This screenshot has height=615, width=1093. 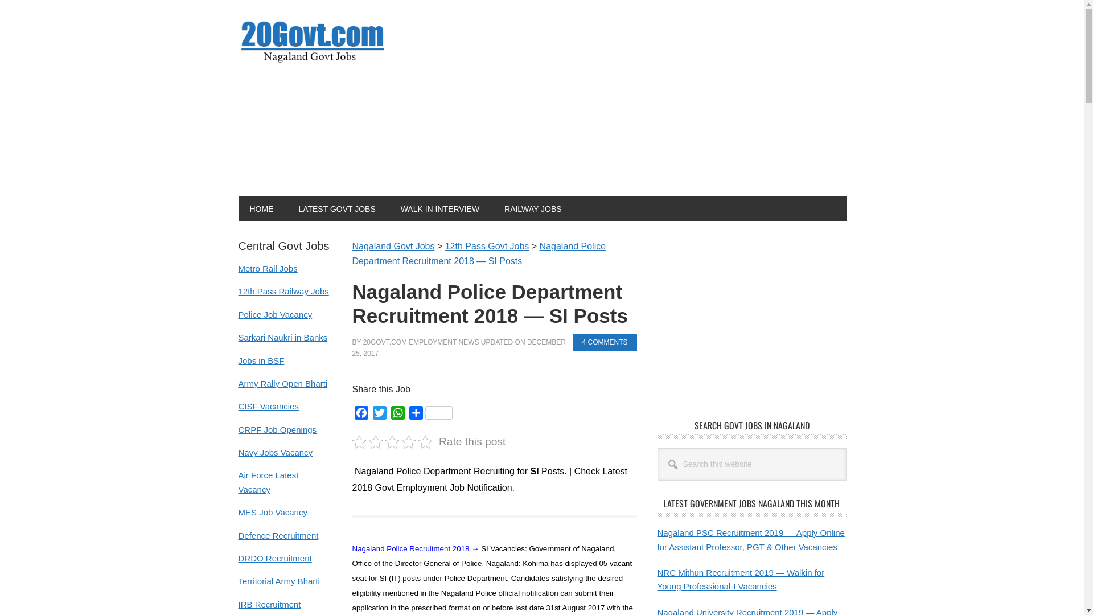 What do you see at coordinates (267, 405) in the screenshot?
I see `'CISF Vacancies'` at bounding box center [267, 405].